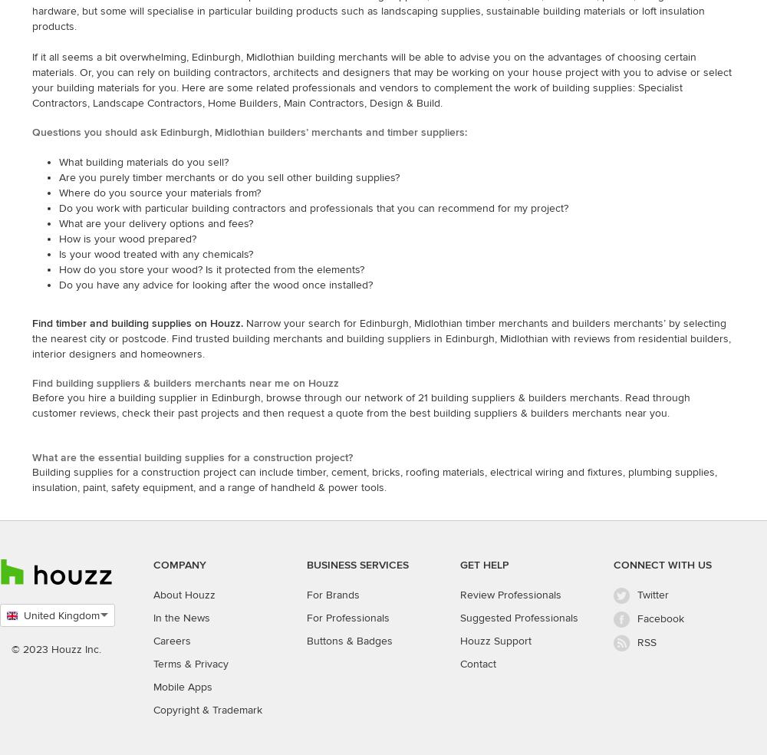  What do you see at coordinates (324, 103) in the screenshot?
I see `'Main Contractors'` at bounding box center [324, 103].